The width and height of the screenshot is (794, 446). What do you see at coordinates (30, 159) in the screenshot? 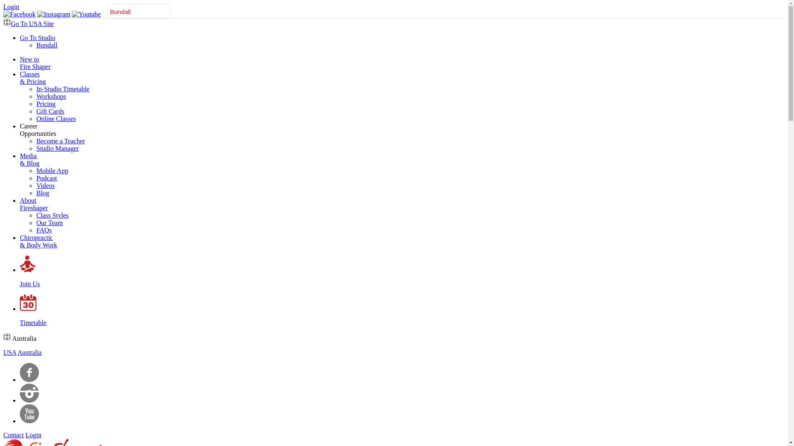
I see `'Media` at bounding box center [30, 159].